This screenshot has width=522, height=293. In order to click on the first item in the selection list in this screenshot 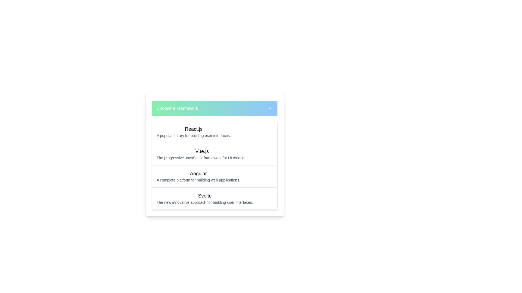, I will do `click(215, 132)`.